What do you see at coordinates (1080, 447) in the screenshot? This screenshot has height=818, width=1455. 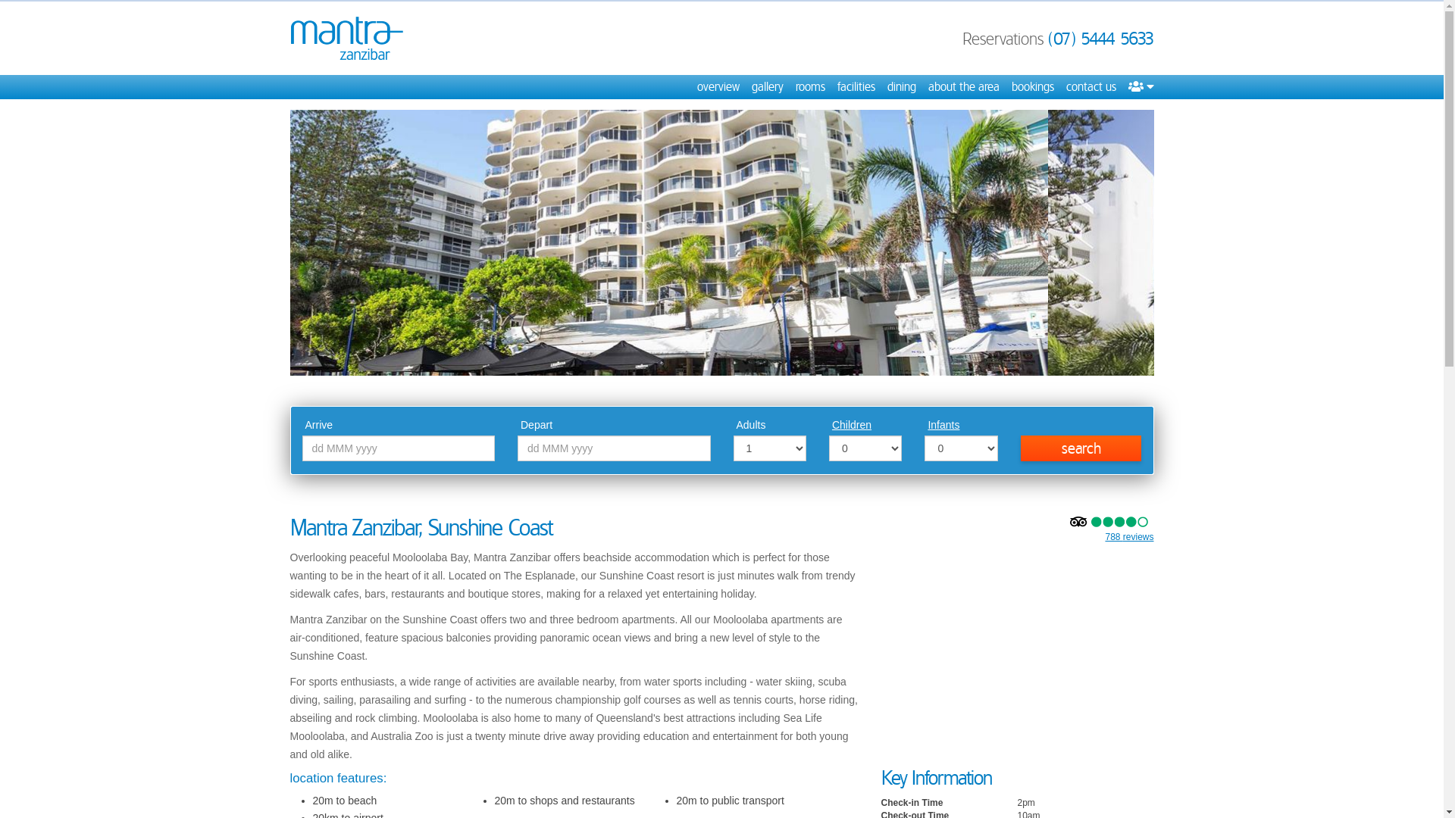 I see `'search'` at bounding box center [1080, 447].